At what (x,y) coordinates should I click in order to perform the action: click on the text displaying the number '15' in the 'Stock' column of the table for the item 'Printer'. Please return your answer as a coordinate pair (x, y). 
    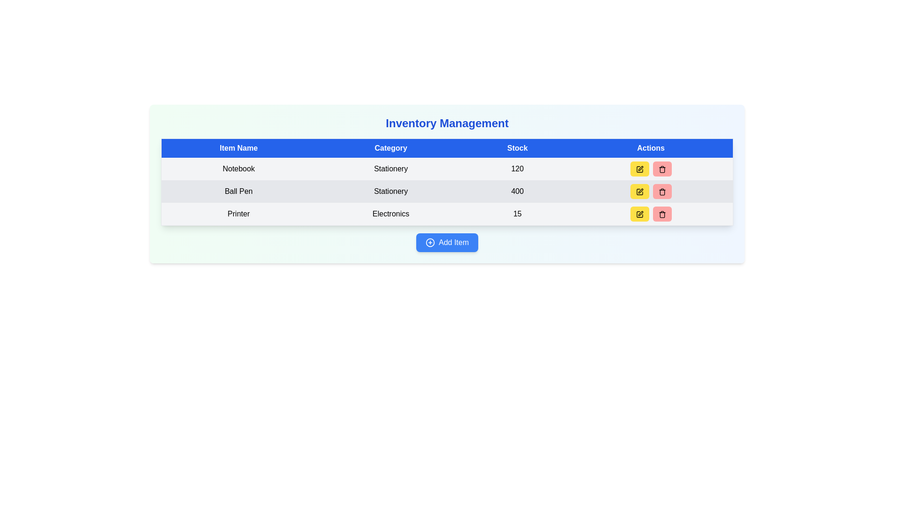
    Looking at the image, I should click on (517, 214).